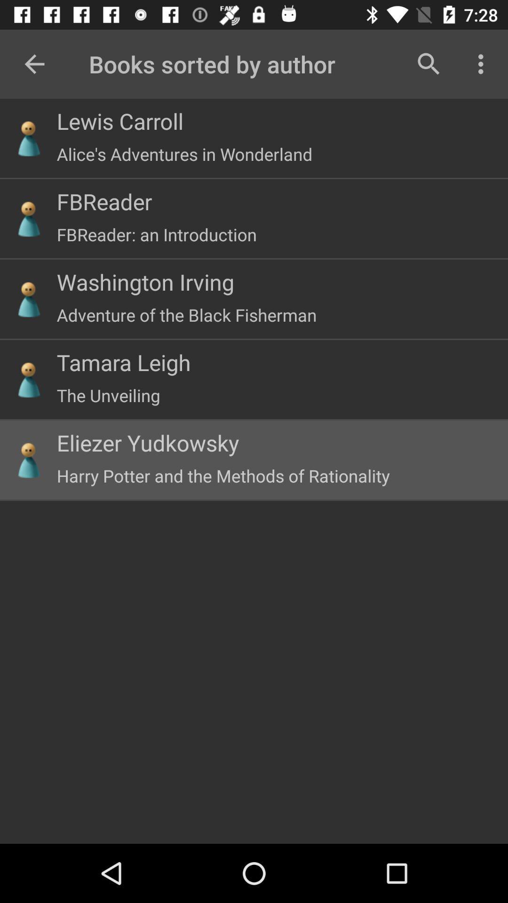 Image resolution: width=508 pixels, height=903 pixels. I want to click on the icon above the unveiling, so click(123, 362).